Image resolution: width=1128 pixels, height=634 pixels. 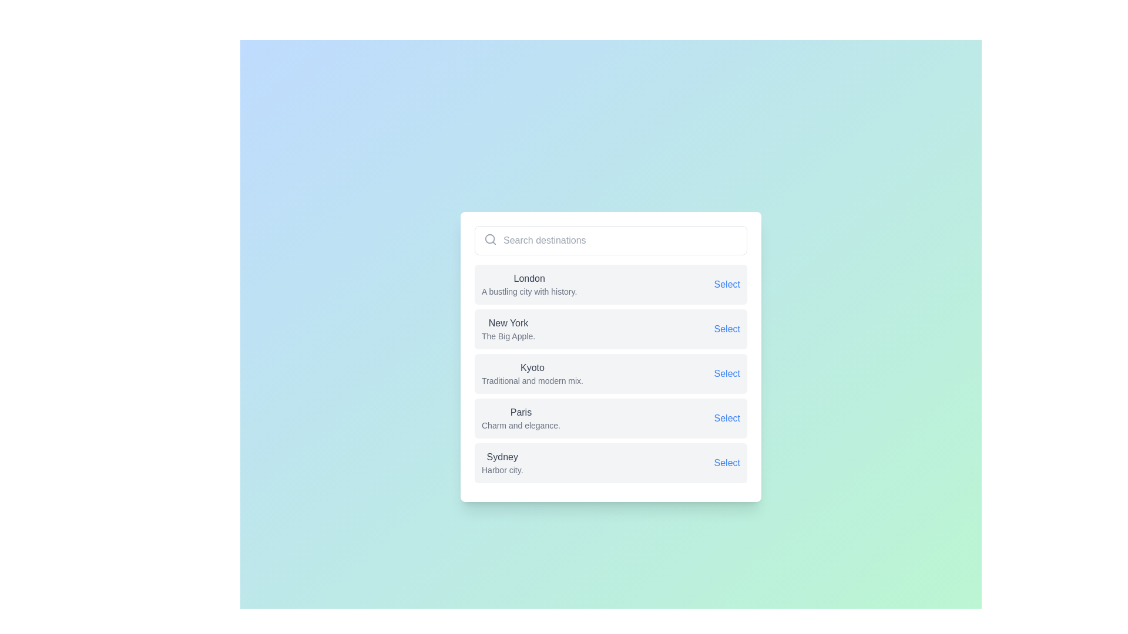 What do you see at coordinates (520, 418) in the screenshot?
I see `descriptive information about the destination 'Paris' from the list item located between 'Kyoto' and 'Sydney'` at bounding box center [520, 418].